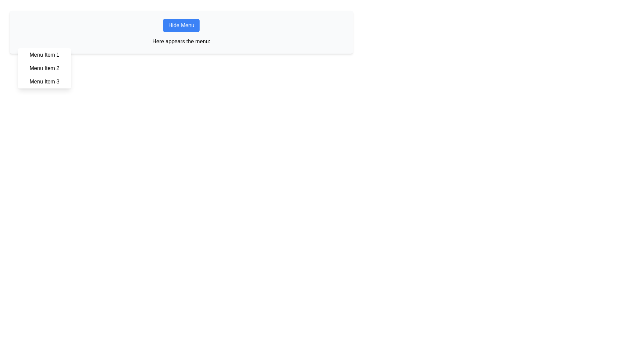 The image size is (643, 362). I want to click on the menu item labeled 'Menu Item 3', so click(44, 81).